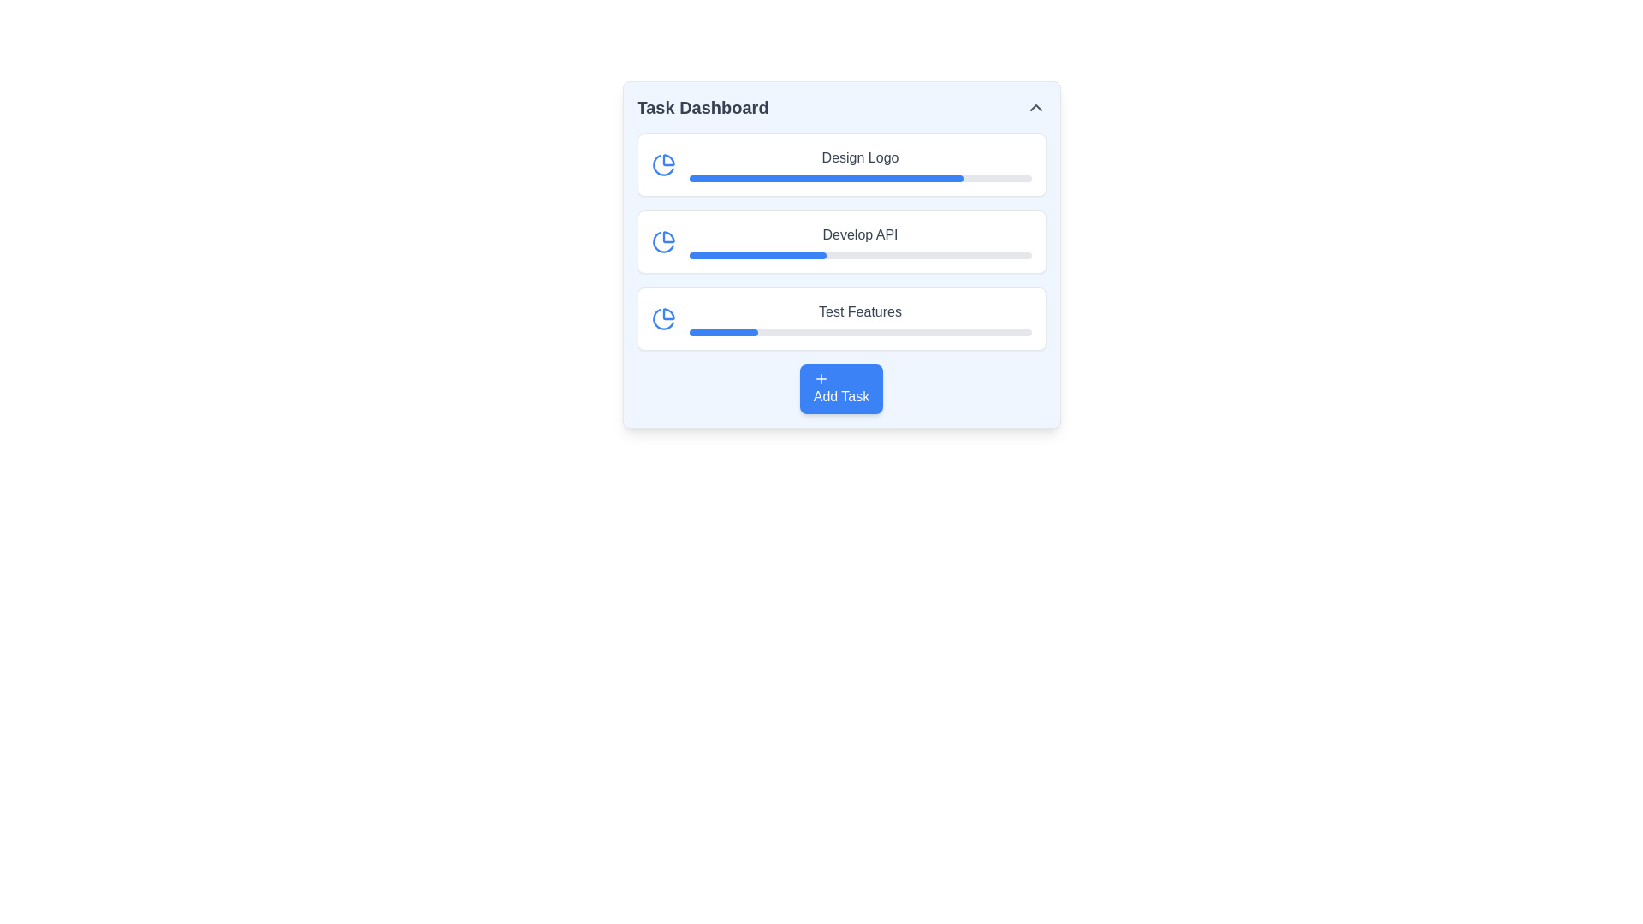  I want to click on the Progress bar located below the 'Develop API' text label in the second task row, which visually conveys progress towards the completion of the task, so click(860, 256).